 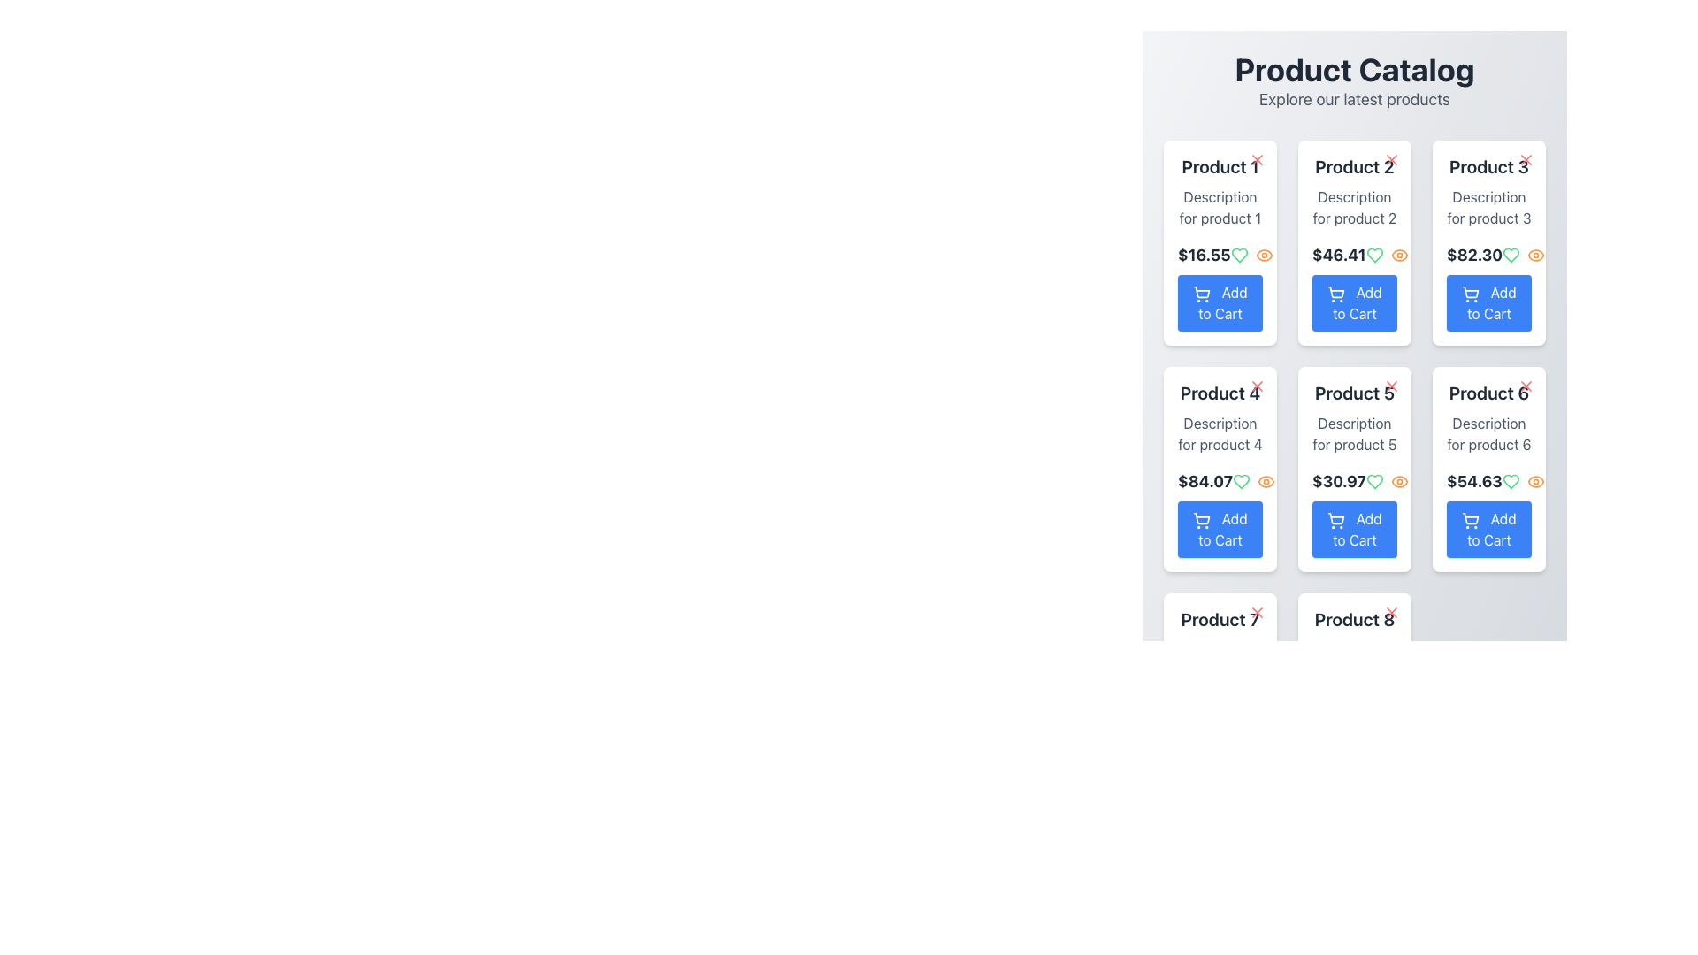 I want to click on the small orange eye icon located within the product card for 'Product 6', so click(x=1534, y=481).